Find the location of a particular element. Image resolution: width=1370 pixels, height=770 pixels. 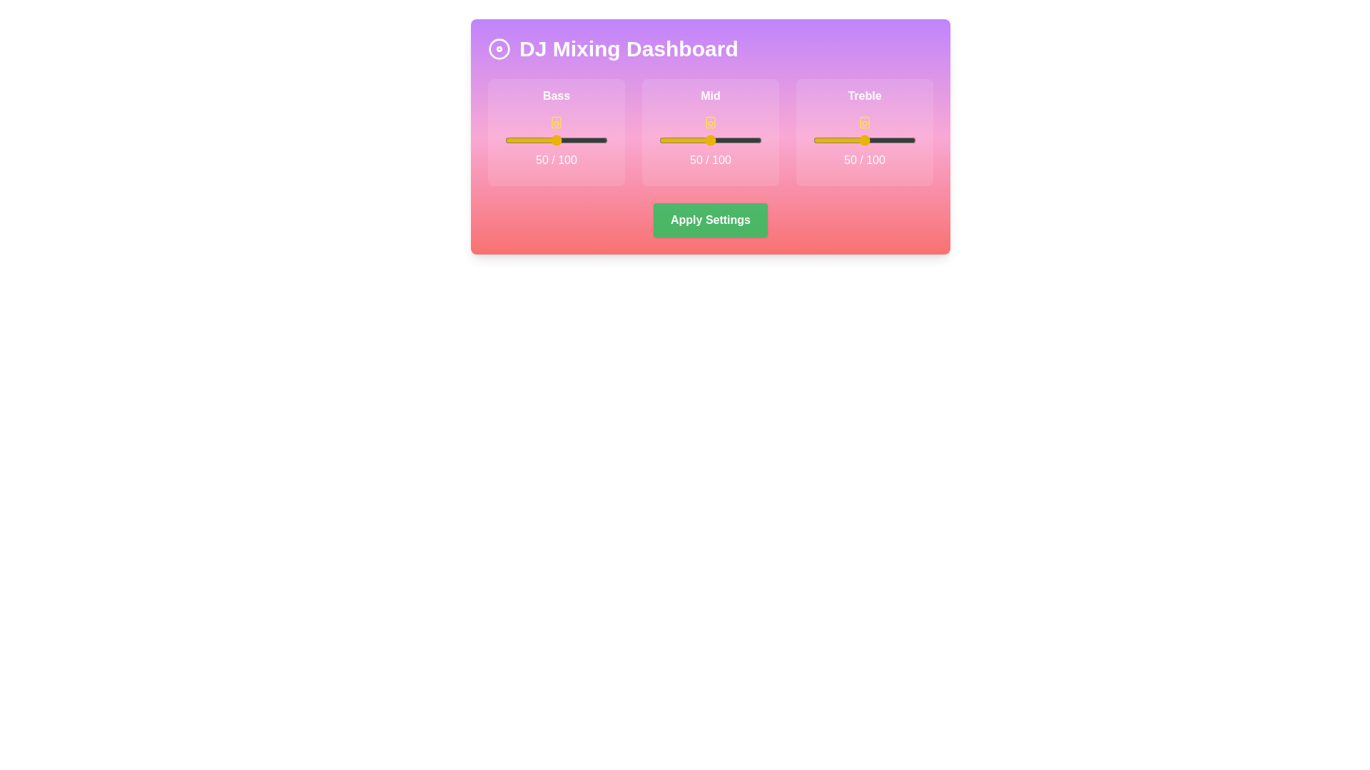

the mid slider to set its value to 45 is located at coordinates (705, 140).